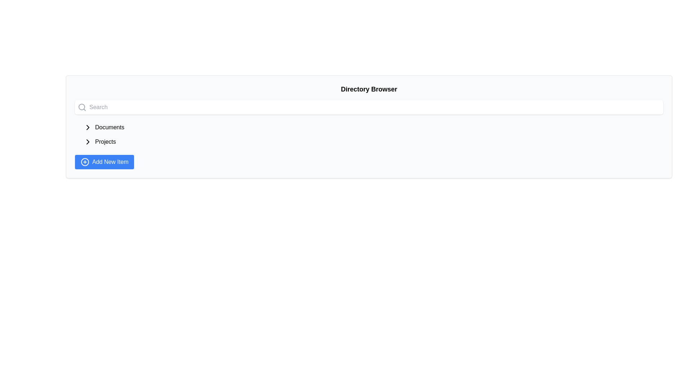 The image size is (692, 389). What do you see at coordinates (82, 107) in the screenshot?
I see `the magnifying glass icon located to the left of the 'Search' text input field` at bounding box center [82, 107].